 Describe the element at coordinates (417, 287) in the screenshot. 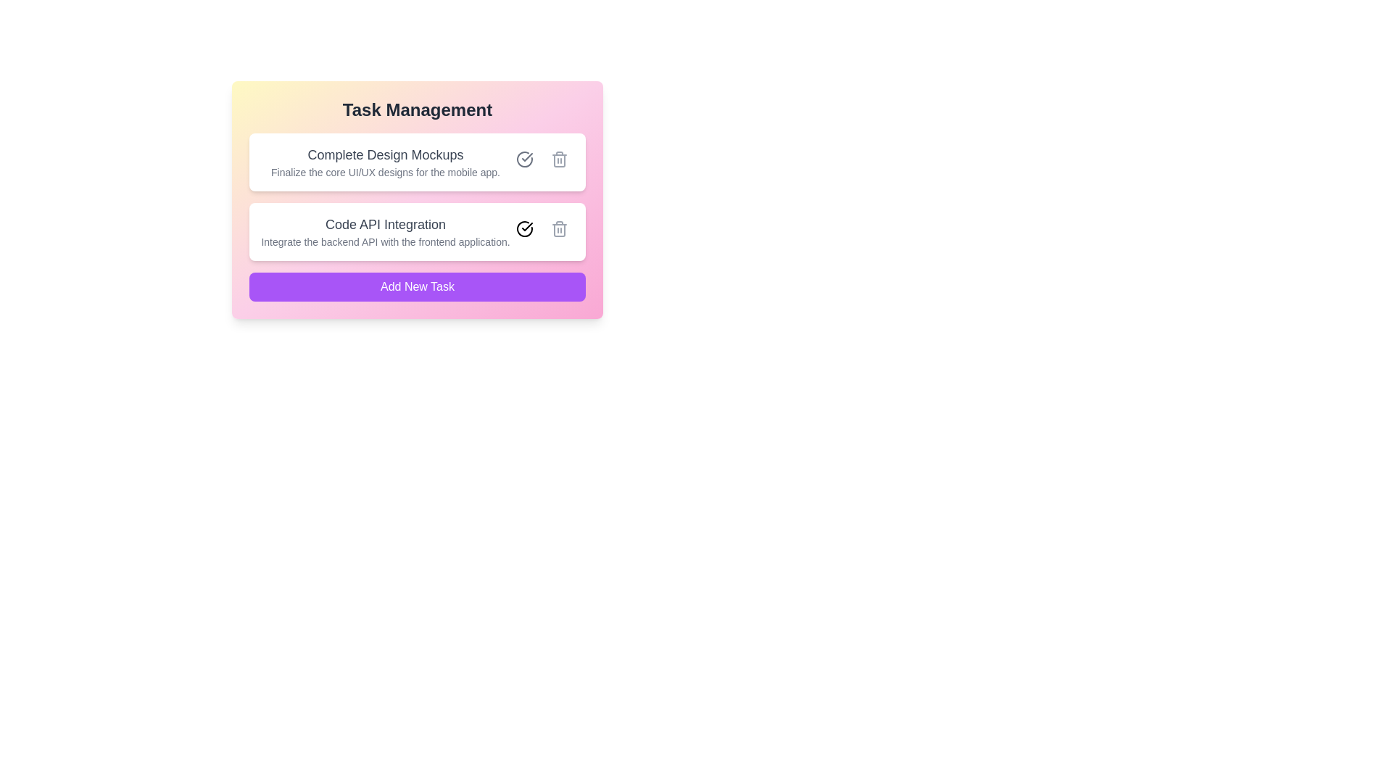

I see `'Add New Task' button to add a new task` at that location.